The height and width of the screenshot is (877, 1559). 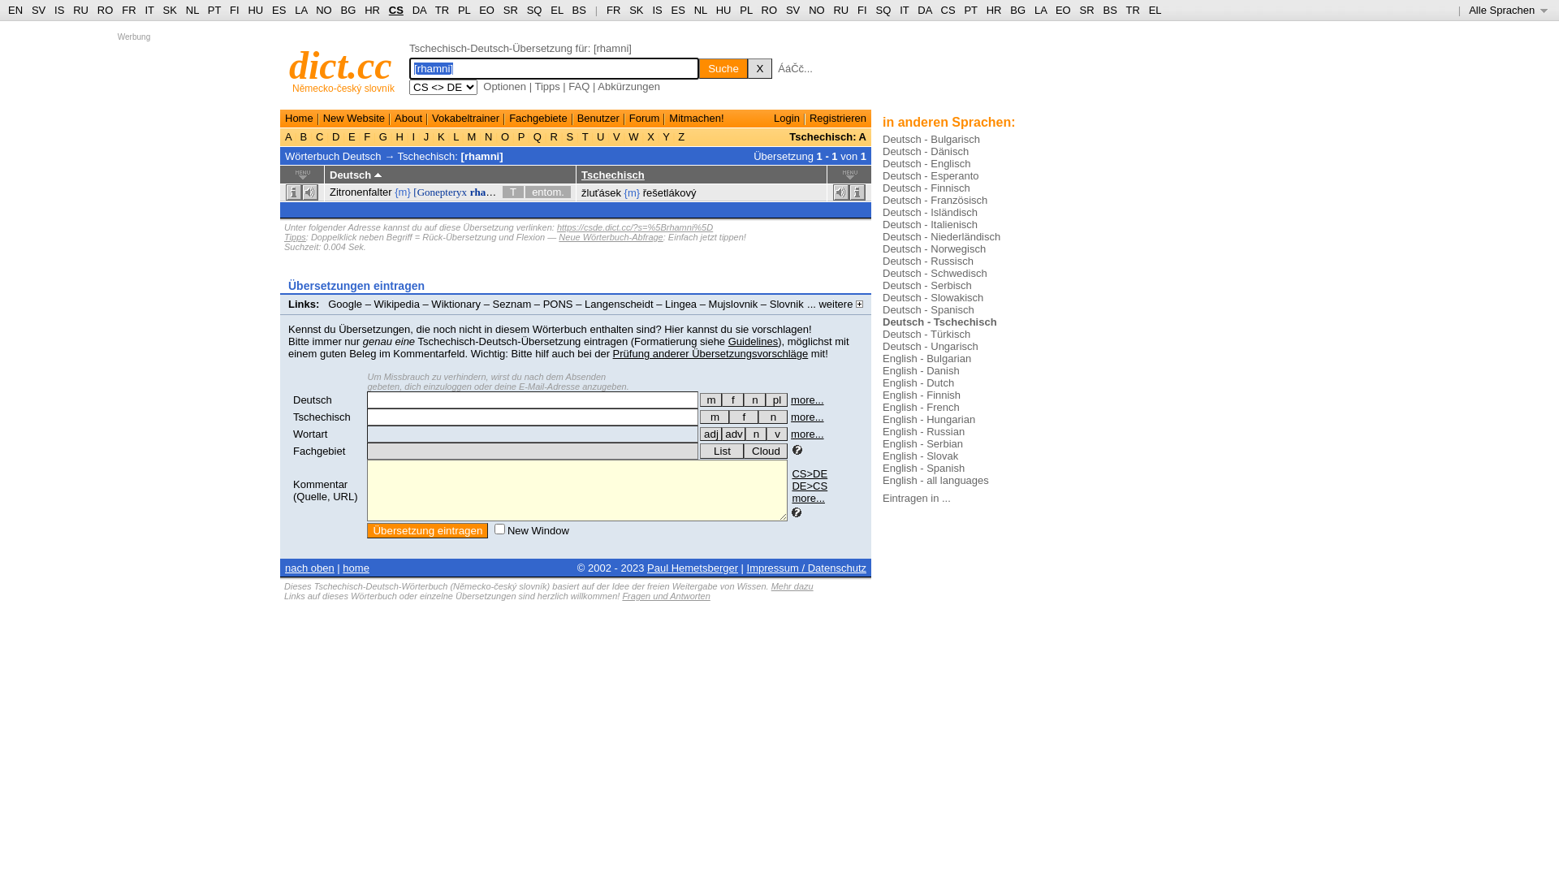 What do you see at coordinates (922, 443) in the screenshot?
I see `'English - Serbian'` at bounding box center [922, 443].